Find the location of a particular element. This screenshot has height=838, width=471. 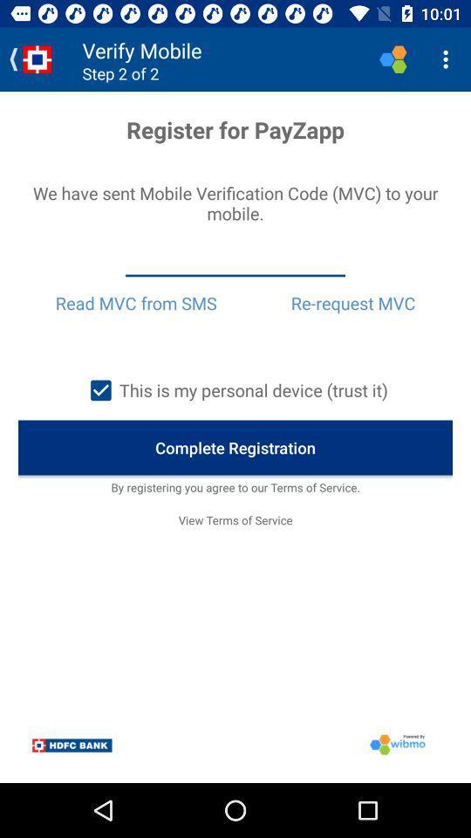

mvc text field is located at coordinates (235, 260).